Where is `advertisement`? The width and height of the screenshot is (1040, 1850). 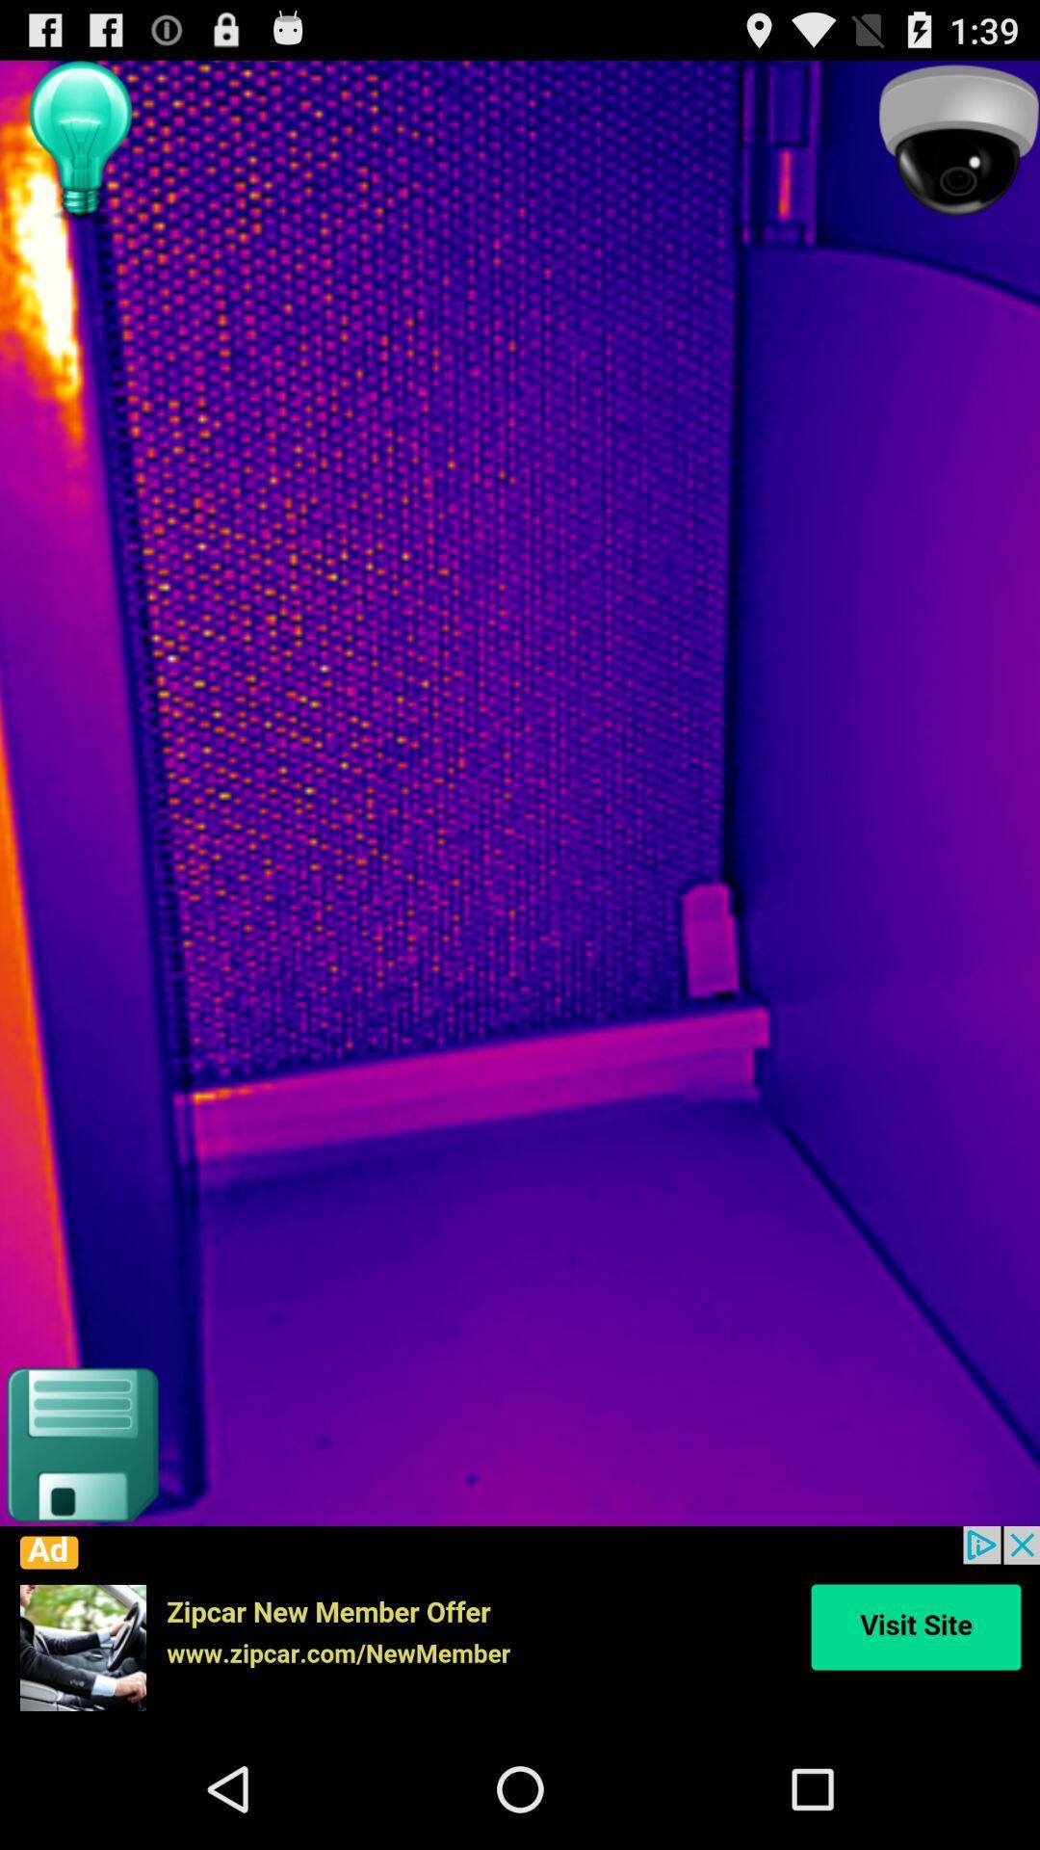 advertisement is located at coordinates (520, 1626).